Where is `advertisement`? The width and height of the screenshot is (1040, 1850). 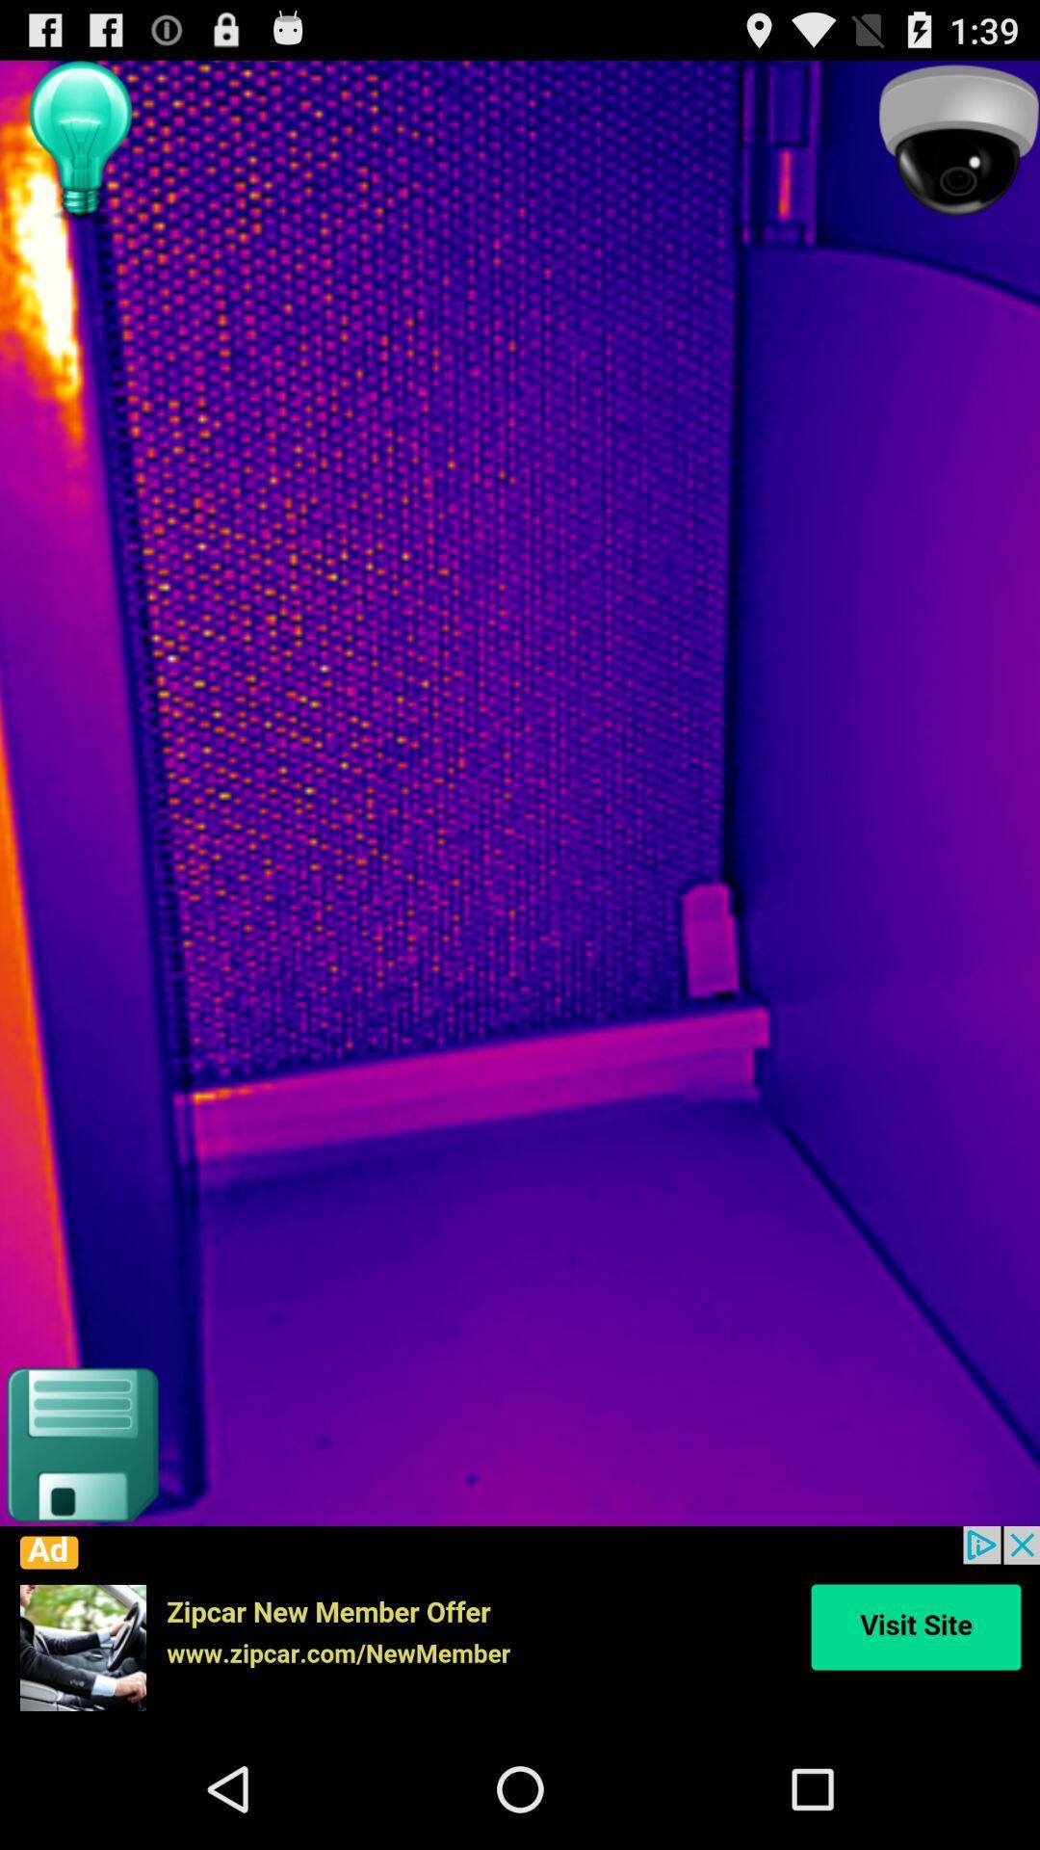 advertisement is located at coordinates (520, 1626).